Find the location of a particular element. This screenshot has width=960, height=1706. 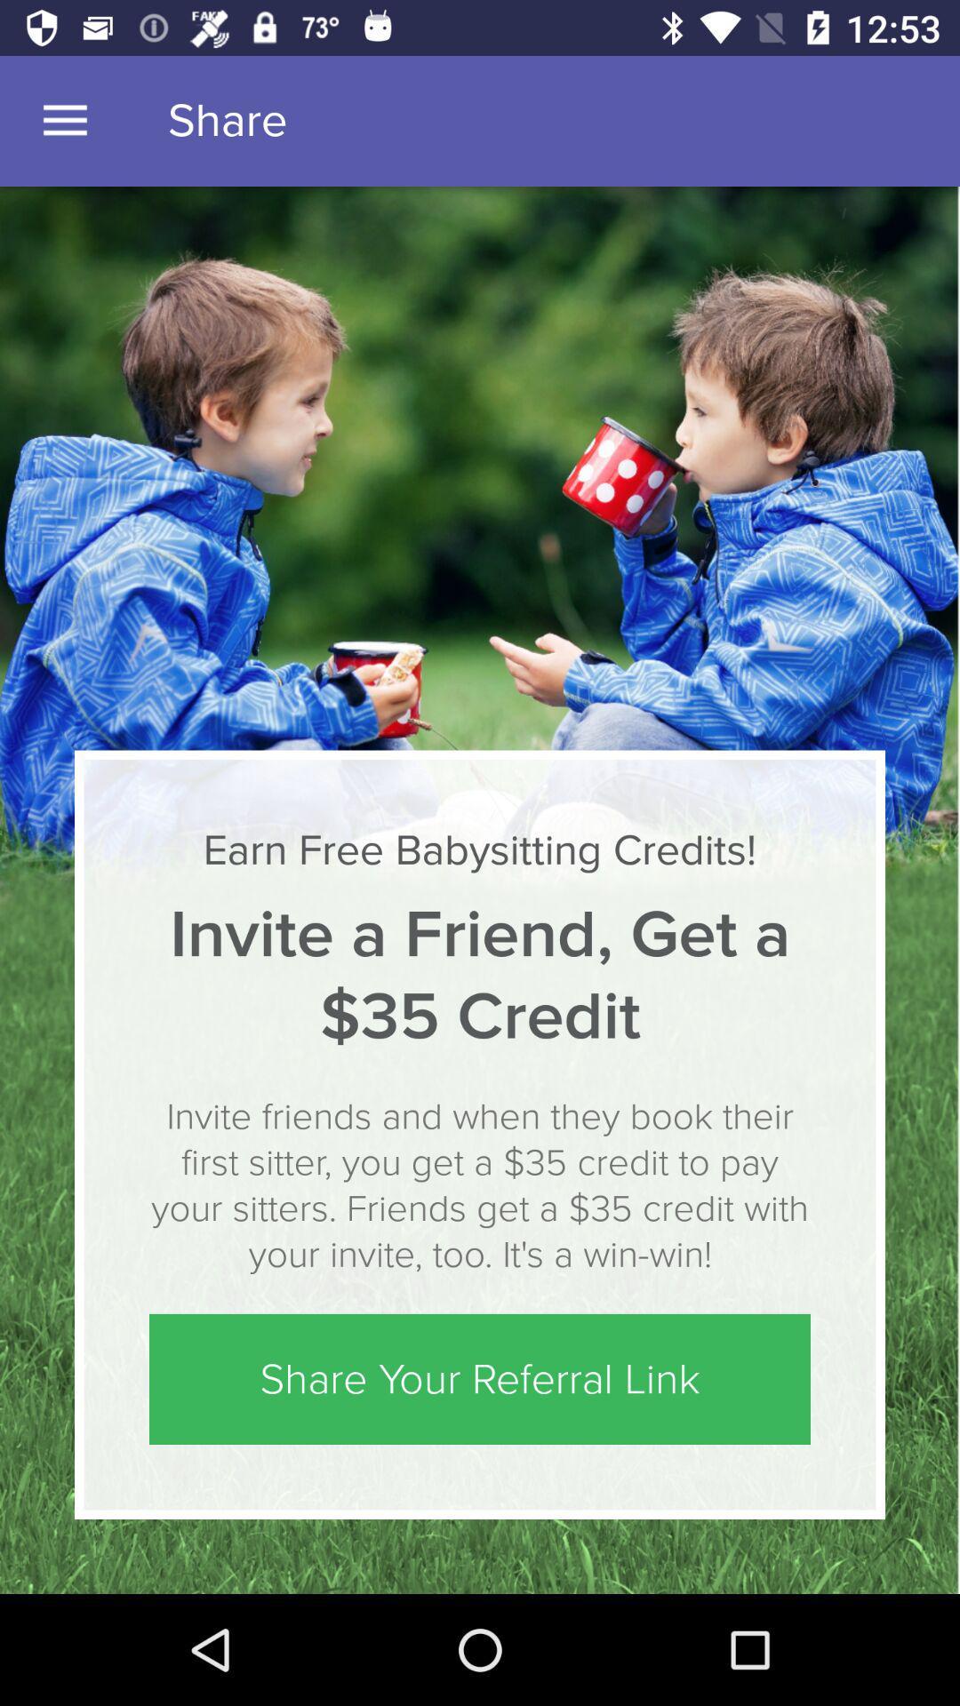

icon next to share is located at coordinates (64, 120).